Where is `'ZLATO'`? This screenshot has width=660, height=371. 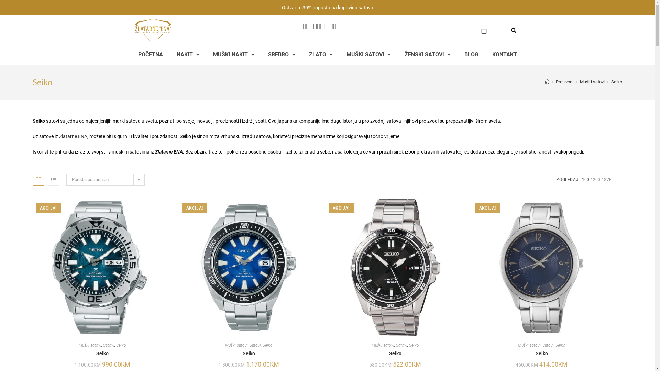 'ZLATO' is located at coordinates (320, 54).